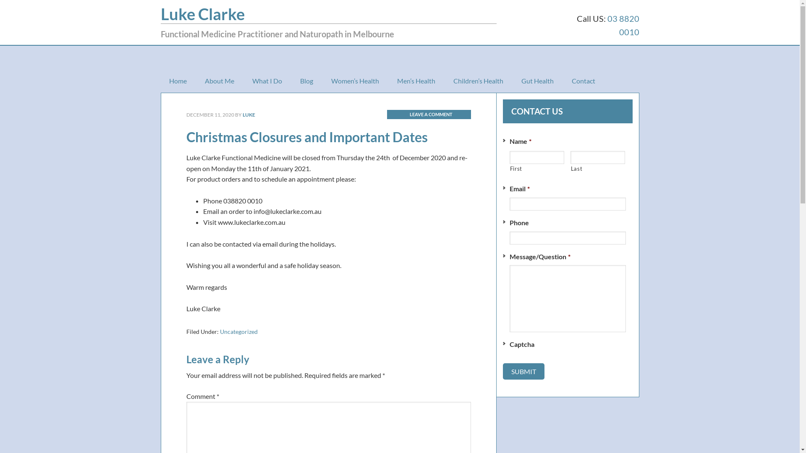 The width and height of the screenshot is (806, 453). Describe the element at coordinates (537, 81) in the screenshot. I see `'Gut Health'` at that location.